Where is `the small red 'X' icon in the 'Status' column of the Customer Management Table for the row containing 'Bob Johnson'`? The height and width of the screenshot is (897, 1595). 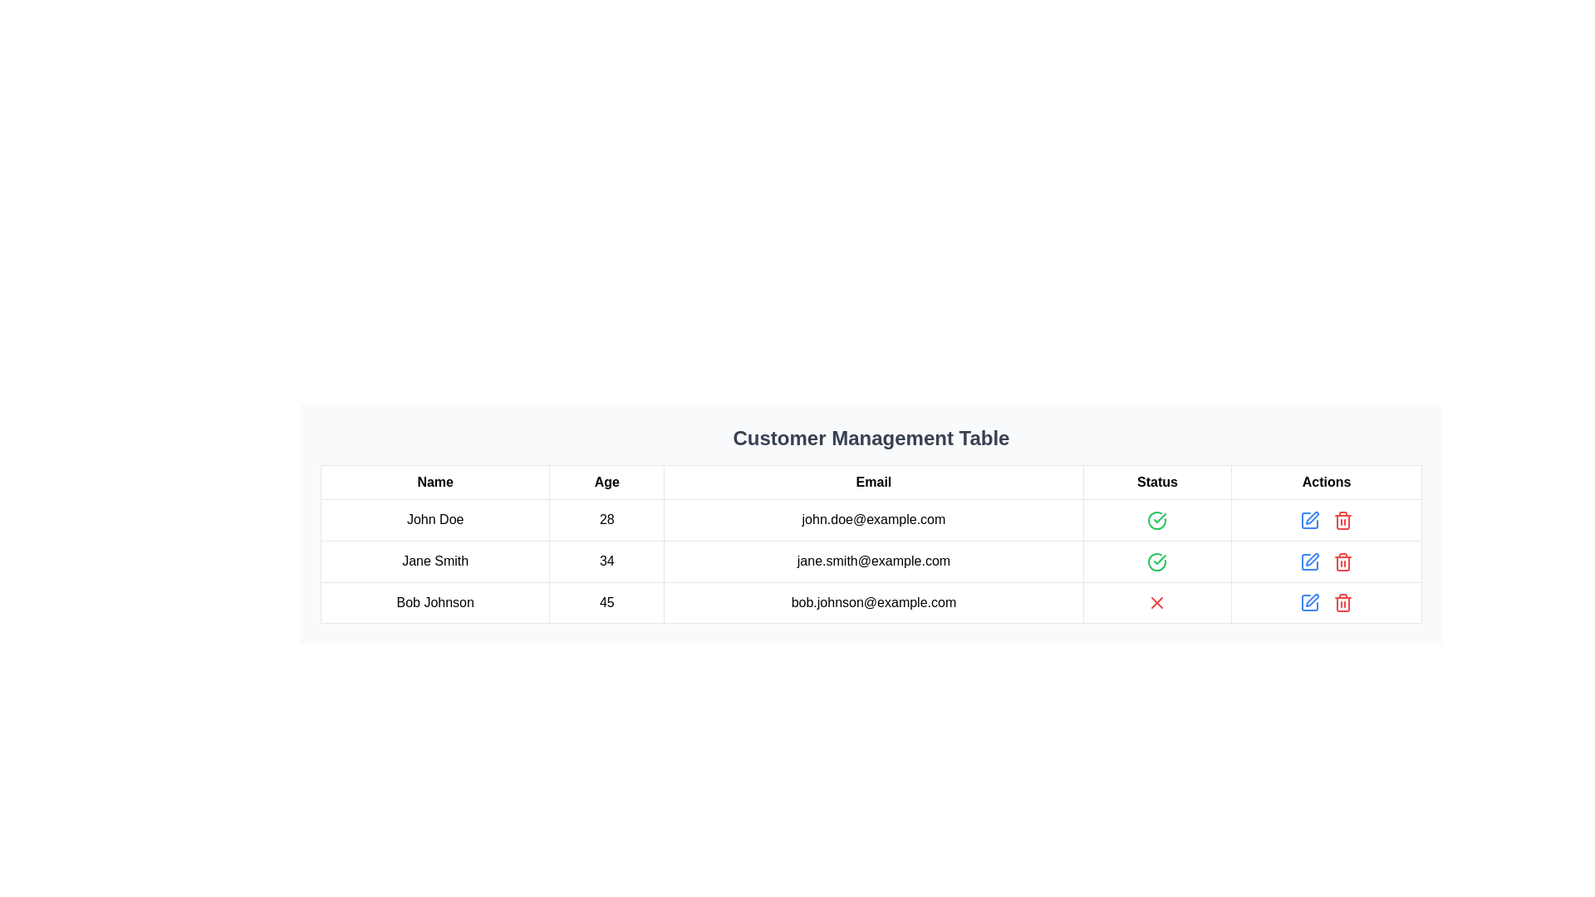 the small red 'X' icon in the 'Status' column of the Customer Management Table for the row containing 'Bob Johnson' is located at coordinates (1156, 602).